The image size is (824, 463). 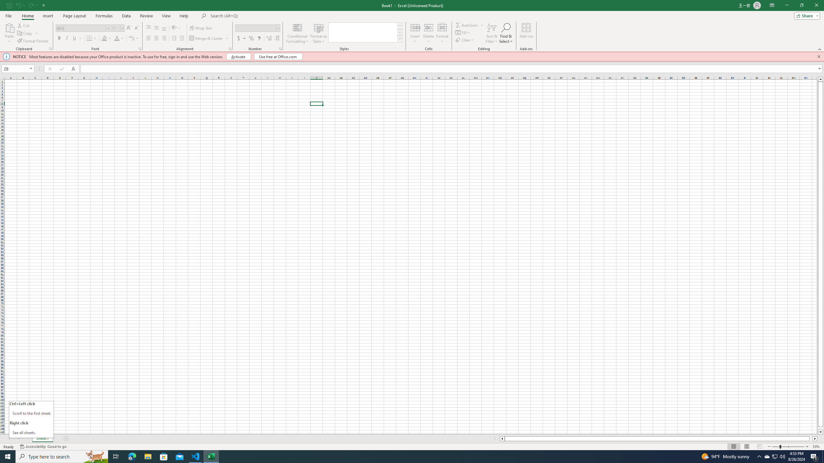 I want to click on 'Restore Down', so click(x=801, y=5).